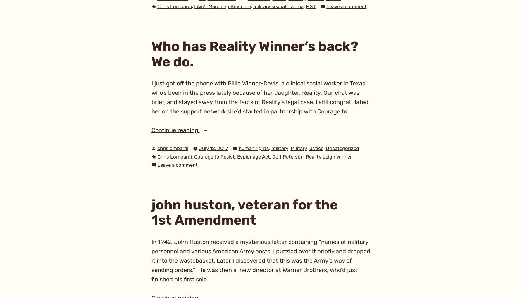  Describe the element at coordinates (253, 148) in the screenshot. I see `'human rights'` at that location.